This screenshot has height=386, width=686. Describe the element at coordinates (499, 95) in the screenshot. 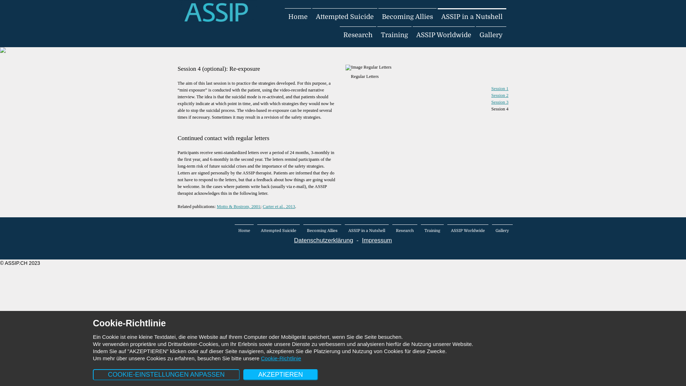

I see `'Session 2'` at that location.